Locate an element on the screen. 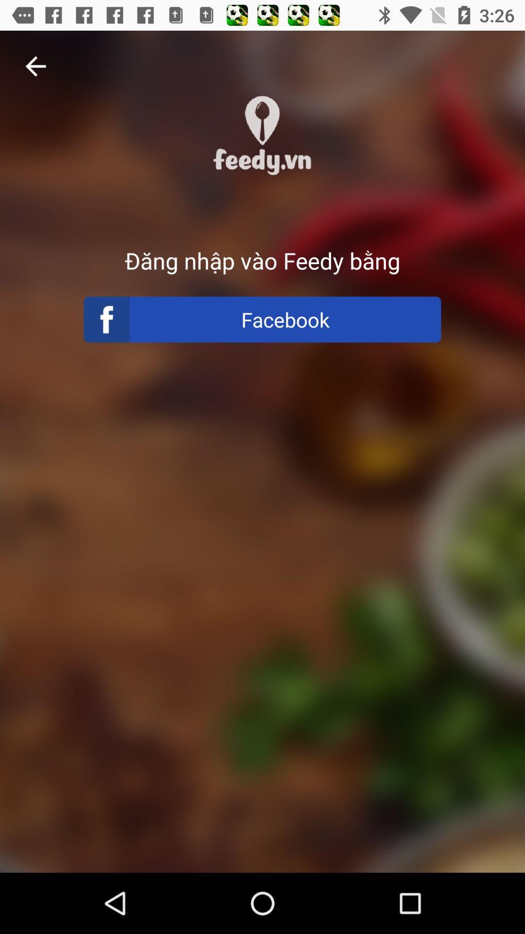 Image resolution: width=525 pixels, height=934 pixels. the item at the top left corner is located at coordinates (35, 66).